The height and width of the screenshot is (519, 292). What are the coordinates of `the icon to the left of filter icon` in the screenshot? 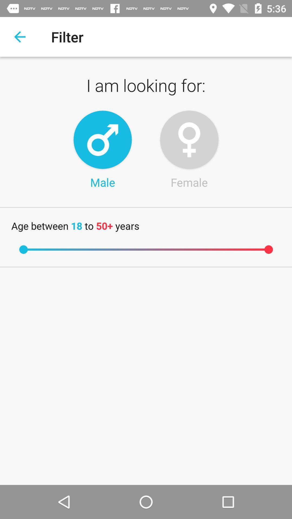 It's located at (19, 36).